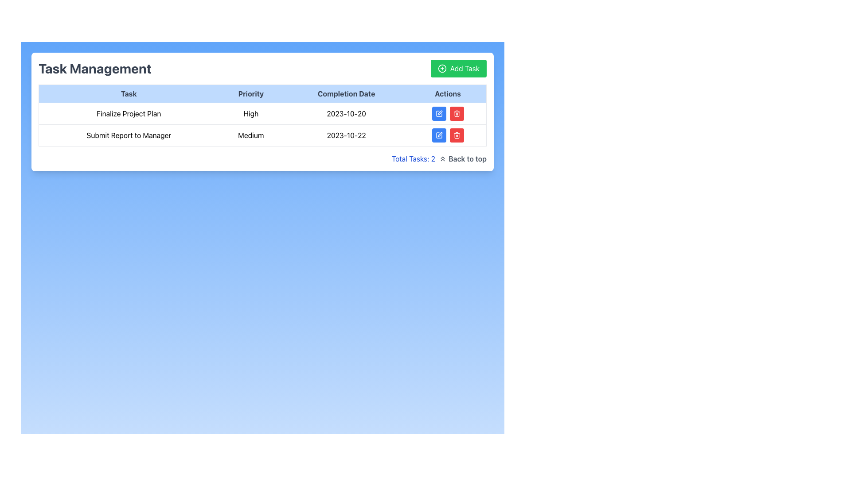 The image size is (851, 478). Describe the element at coordinates (457, 113) in the screenshot. I see `the delete button in the 'Actions' column of the table` at that location.